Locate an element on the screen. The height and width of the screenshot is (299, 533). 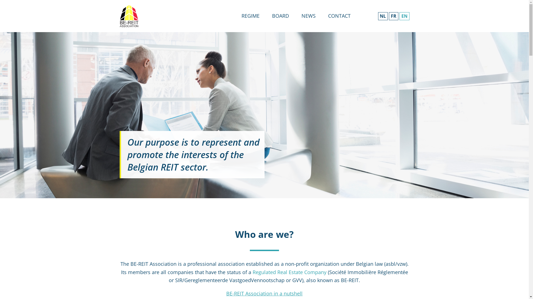
'CONTACT' is located at coordinates (339, 16).